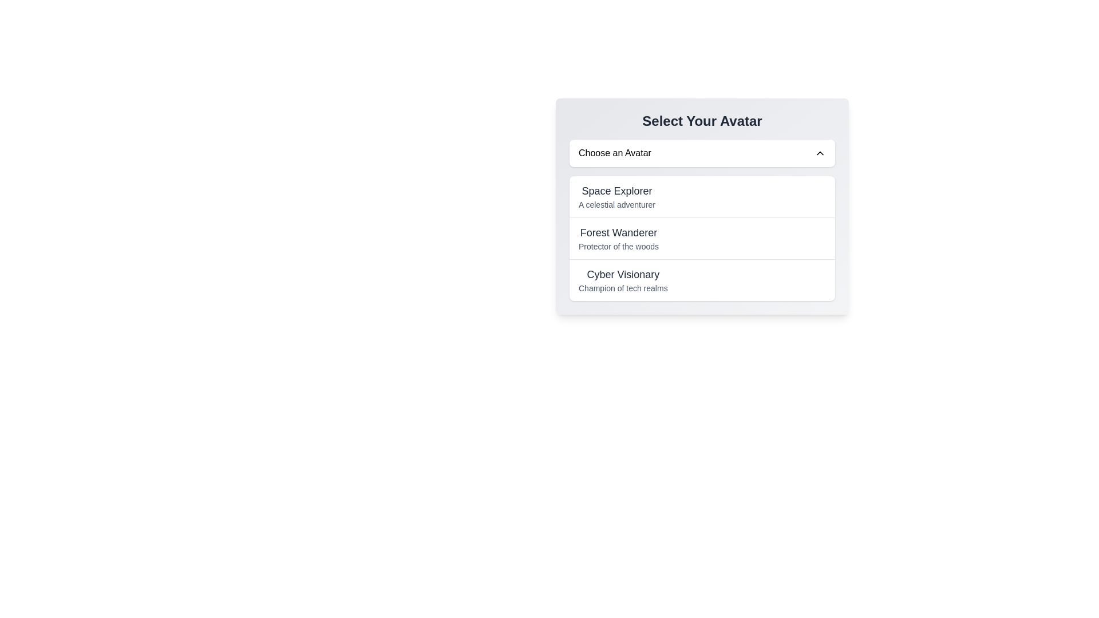 Image resolution: width=1099 pixels, height=618 pixels. Describe the element at coordinates (702, 237) in the screenshot. I see `the 'Forest Wanderer' option in the dropdown list titled 'Select Your Avatar'` at that location.